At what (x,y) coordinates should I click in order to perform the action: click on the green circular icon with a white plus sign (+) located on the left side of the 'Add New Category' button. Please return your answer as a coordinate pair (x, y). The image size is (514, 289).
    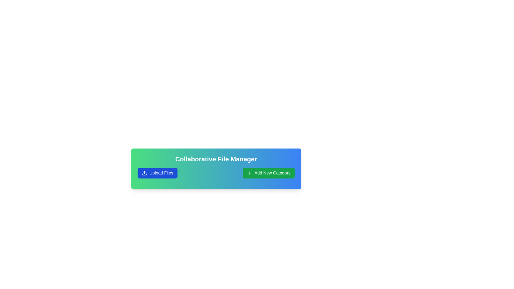
    Looking at the image, I should click on (249, 173).